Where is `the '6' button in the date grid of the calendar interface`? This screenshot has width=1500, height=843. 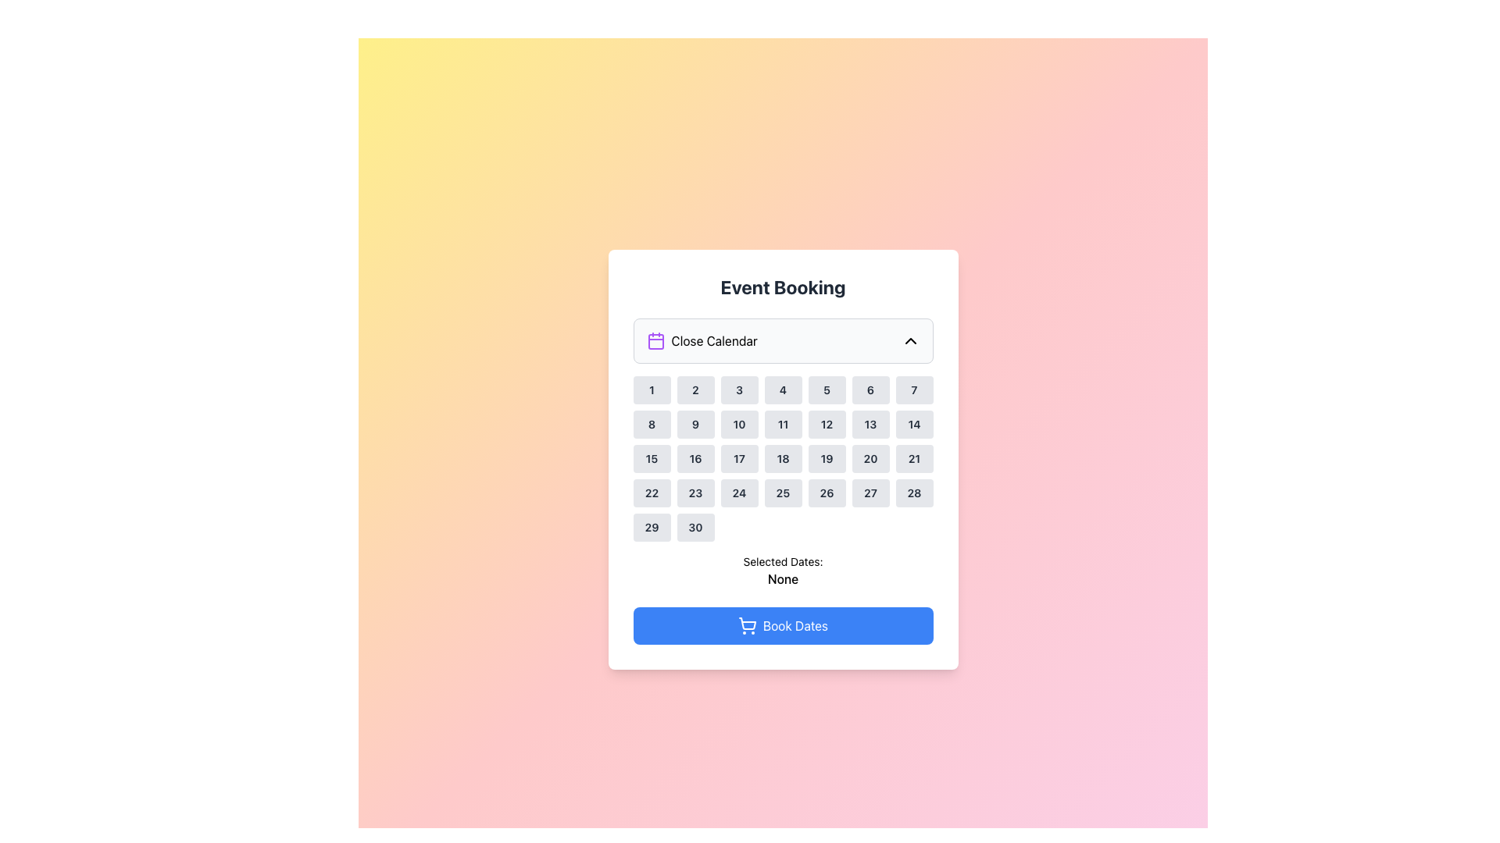
the '6' button in the date grid of the calendar interface is located at coordinates (870, 389).